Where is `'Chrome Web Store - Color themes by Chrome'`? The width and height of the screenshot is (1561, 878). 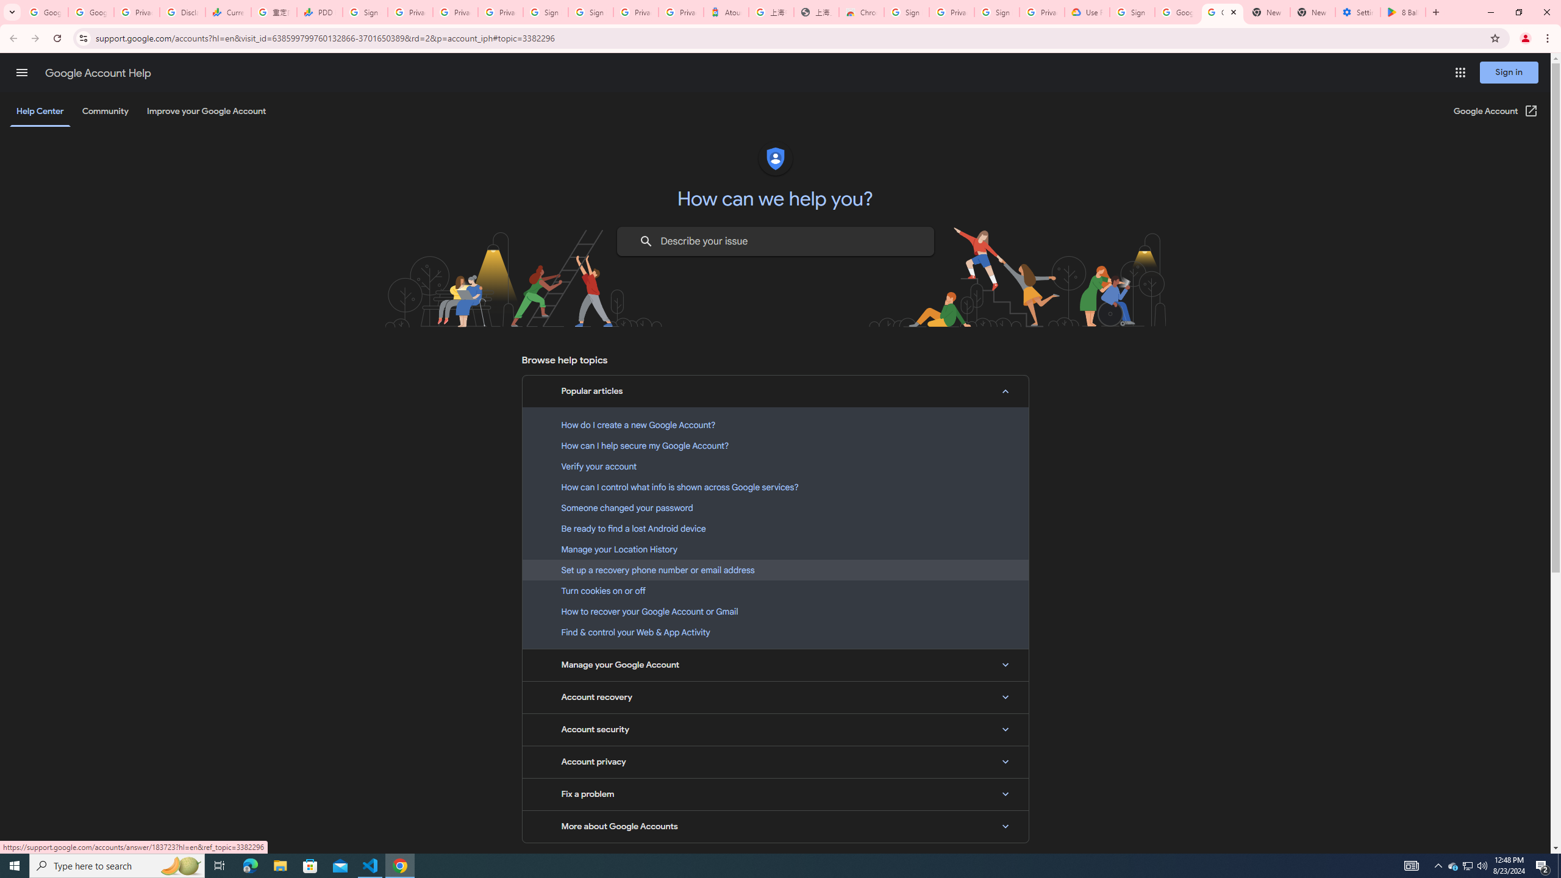
'Chrome Web Store - Color themes by Chrome' is located at coordinates (862, 12).